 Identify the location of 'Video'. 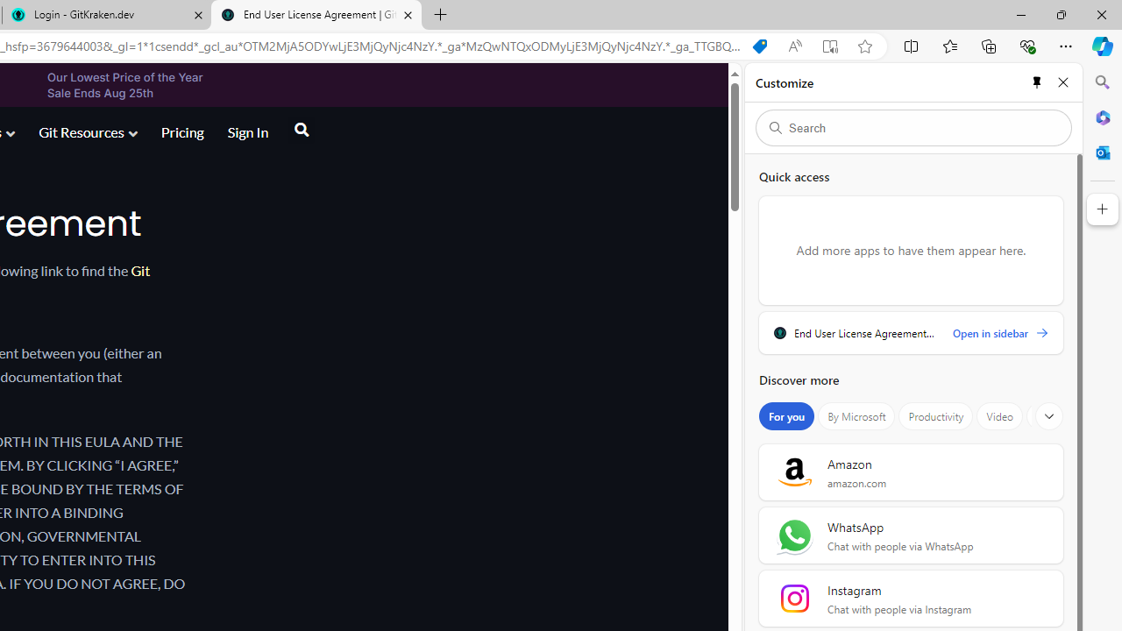
(999, 416).